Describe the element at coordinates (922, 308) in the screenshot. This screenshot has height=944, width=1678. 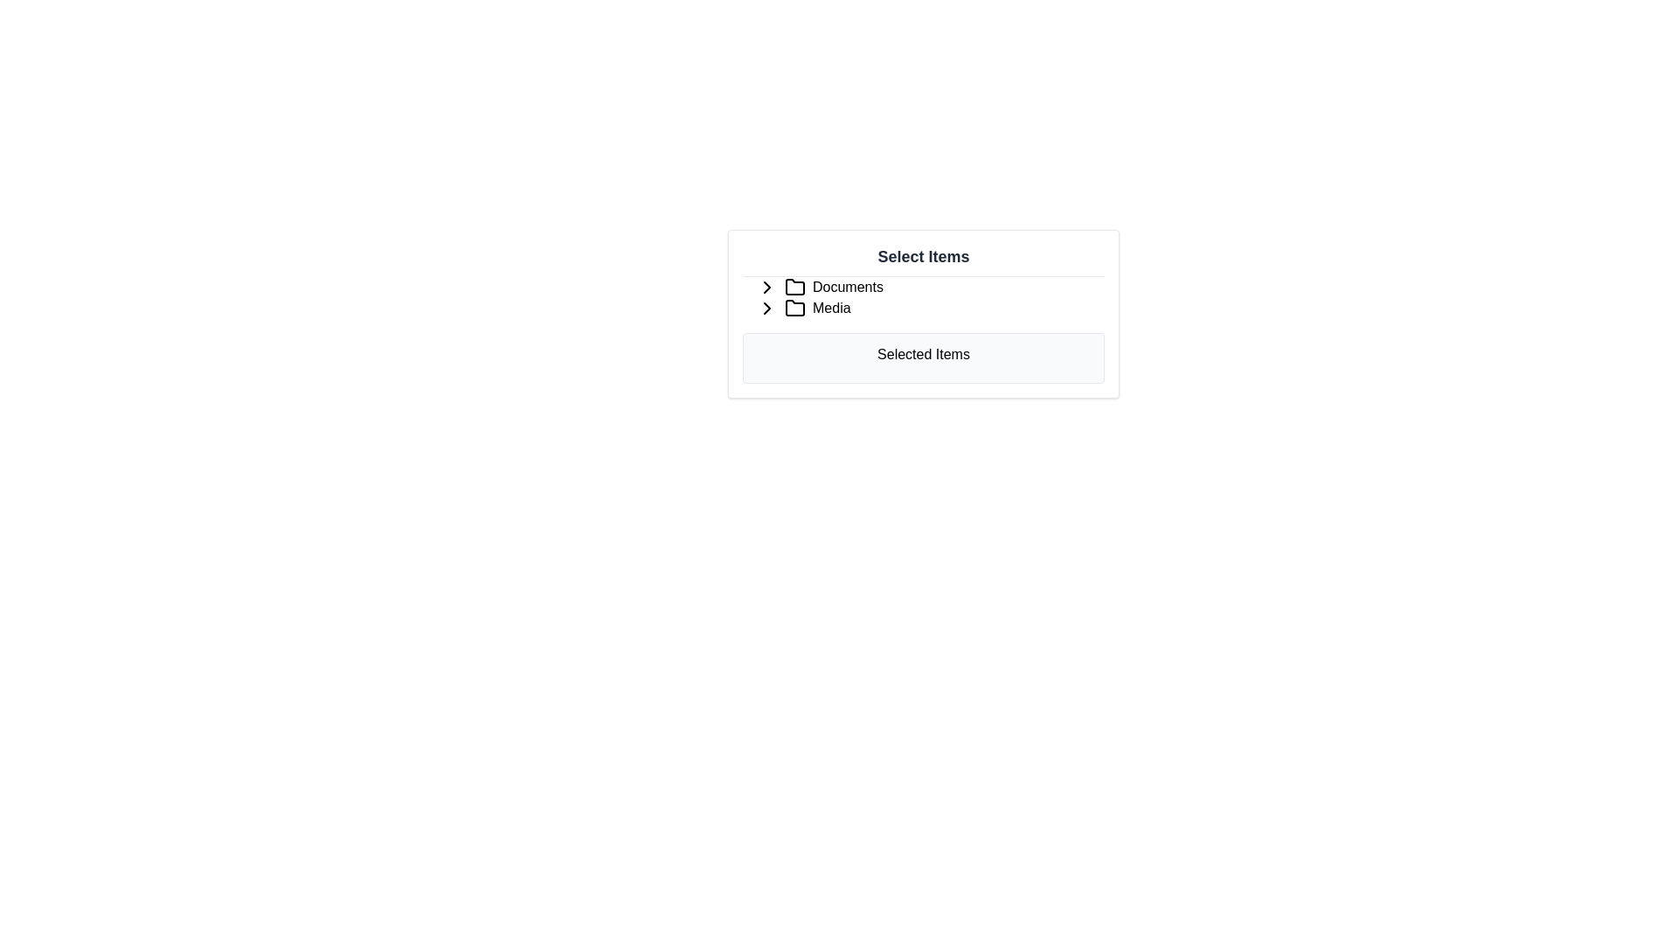
I see `the second list item in the 'Select Items' interface, which represents an option for selecting media files or folders` at that location.